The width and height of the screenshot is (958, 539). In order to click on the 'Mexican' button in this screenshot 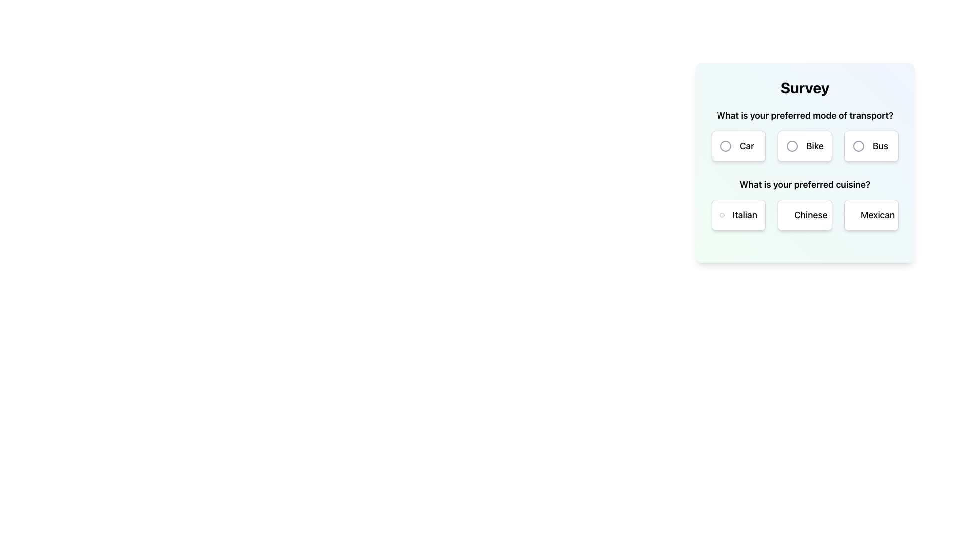, I will do `click(871, 215)`.